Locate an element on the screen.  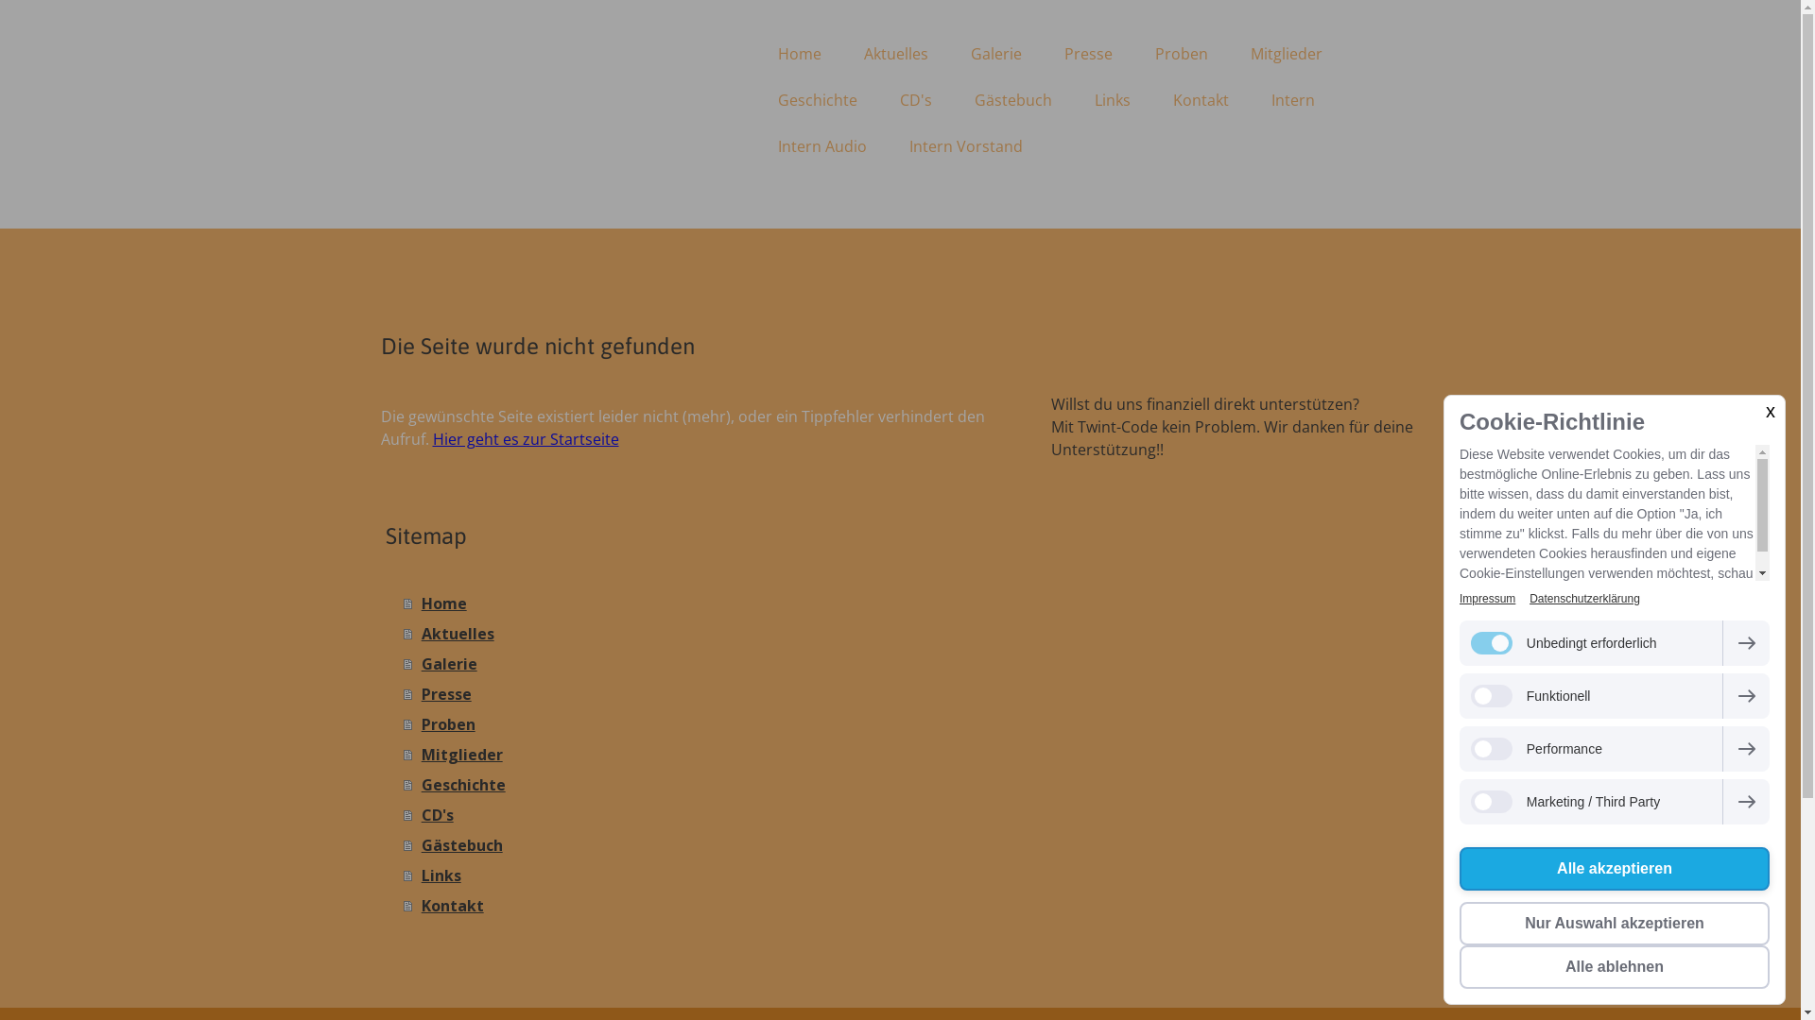
'Home' is located at coordinates (402, 603).